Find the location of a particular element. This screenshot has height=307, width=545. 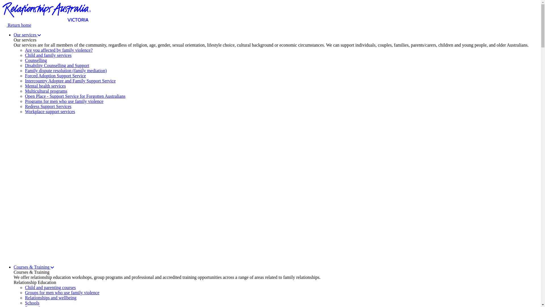

'Family dispute resolution (family mediation)' is located at coordinates (66, 70).